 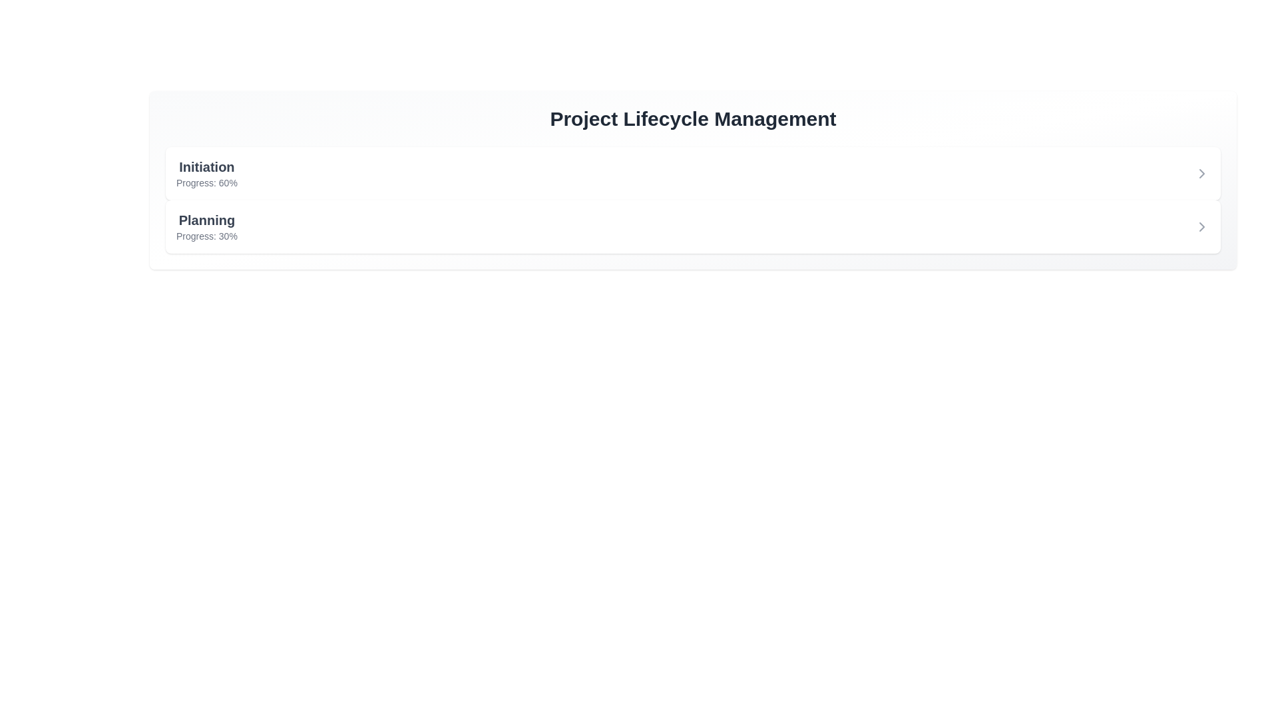 I want to click on the right-pointing chevron icon located at the far-right end of the 'Planning' section, so click(x=1201, y=226).